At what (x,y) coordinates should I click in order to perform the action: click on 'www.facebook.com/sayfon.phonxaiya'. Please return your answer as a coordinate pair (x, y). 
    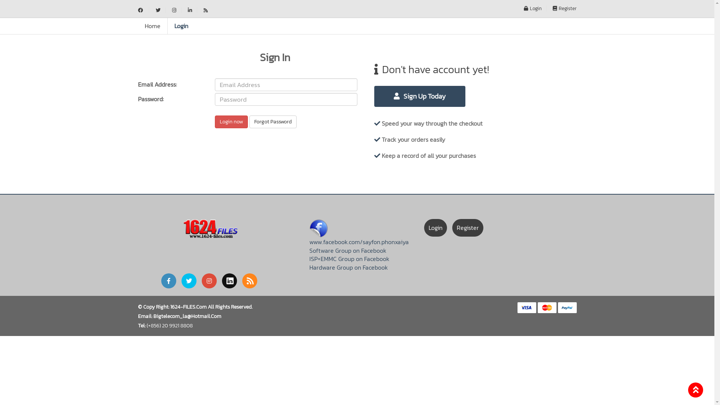
    Looking at the image, I should click on (358, 241).